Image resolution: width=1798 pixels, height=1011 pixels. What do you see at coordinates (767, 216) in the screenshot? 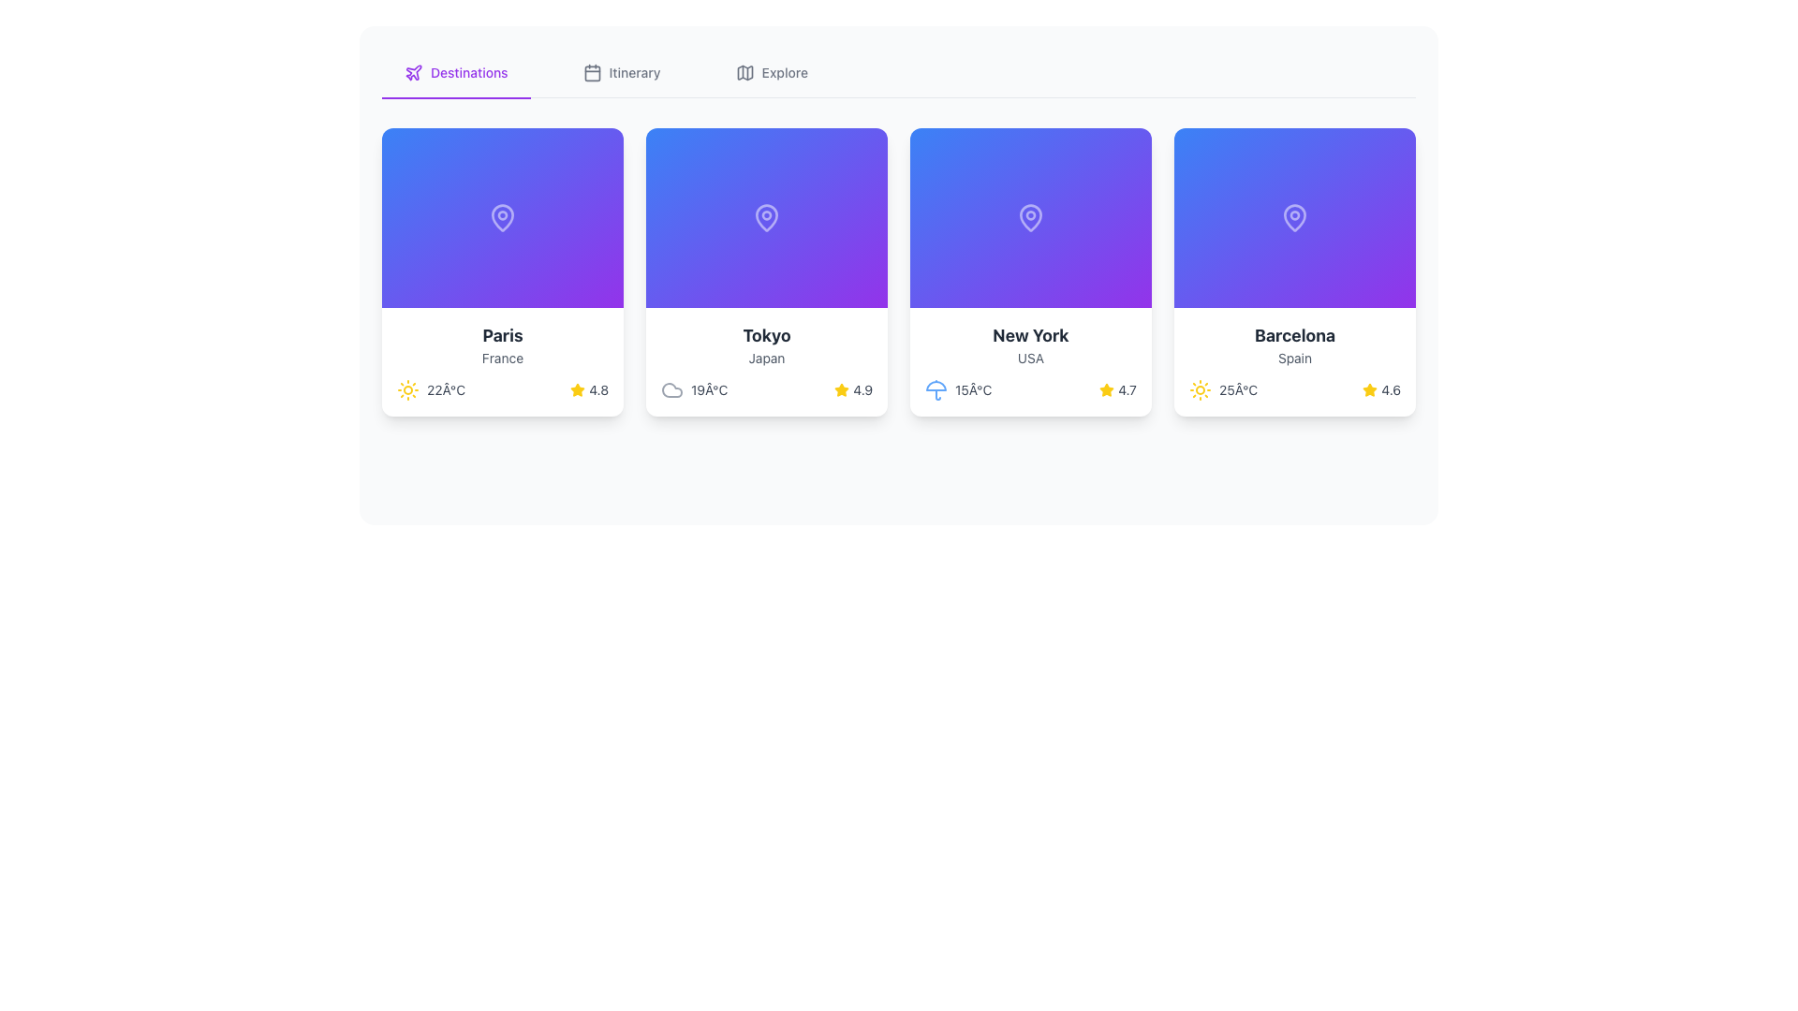
I see `the decorative icon background in the header of the Tokyo card, which is centrally located in the gradient section of the second card in the list` at bounding box center [767, 216].